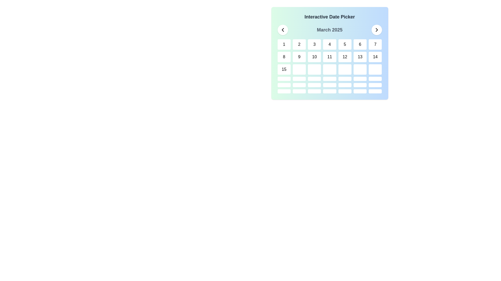  What do you see at coordinates (284, 44) in the screenshot?
I see `the first day of the month button in the date picker` at bounding box center [284, 44].